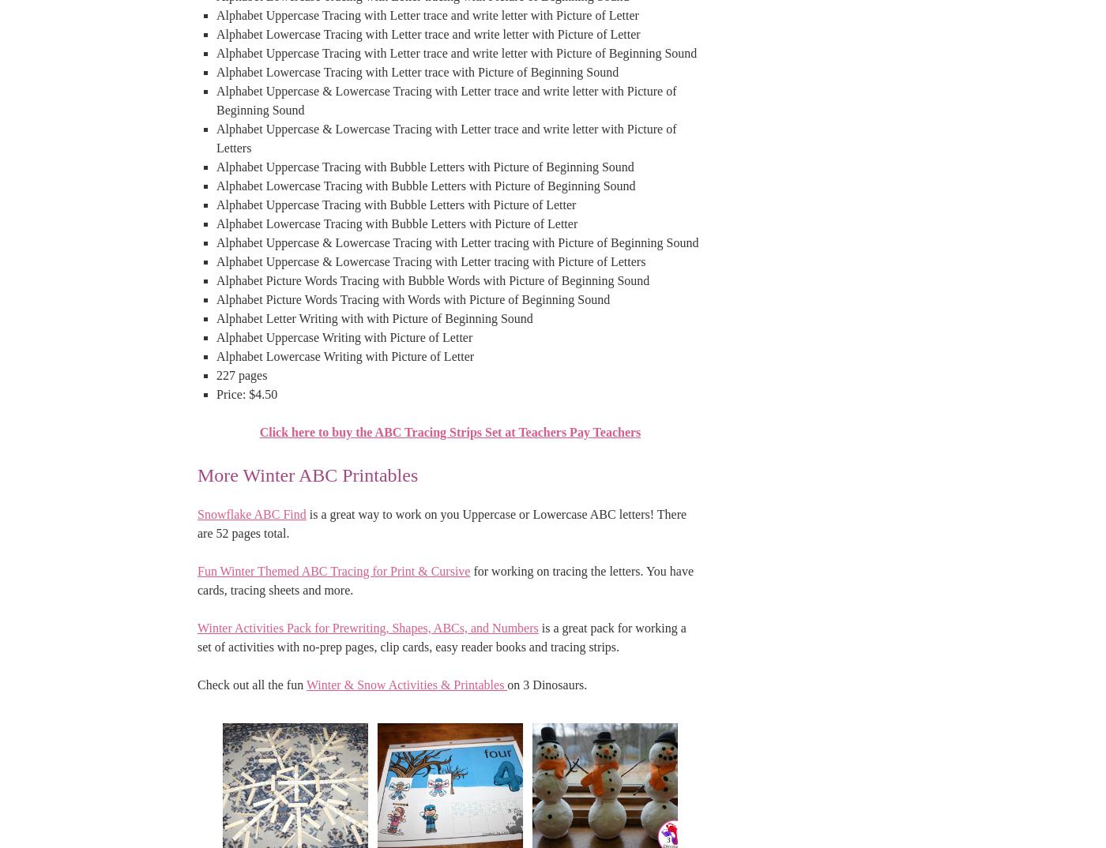  Describe the element at coordinates (457, 52) in the screenshot. I see `'Alphabet Uppercase Tracing with Letter trace and write letter with Picture of Beginning Sound'` at that location.